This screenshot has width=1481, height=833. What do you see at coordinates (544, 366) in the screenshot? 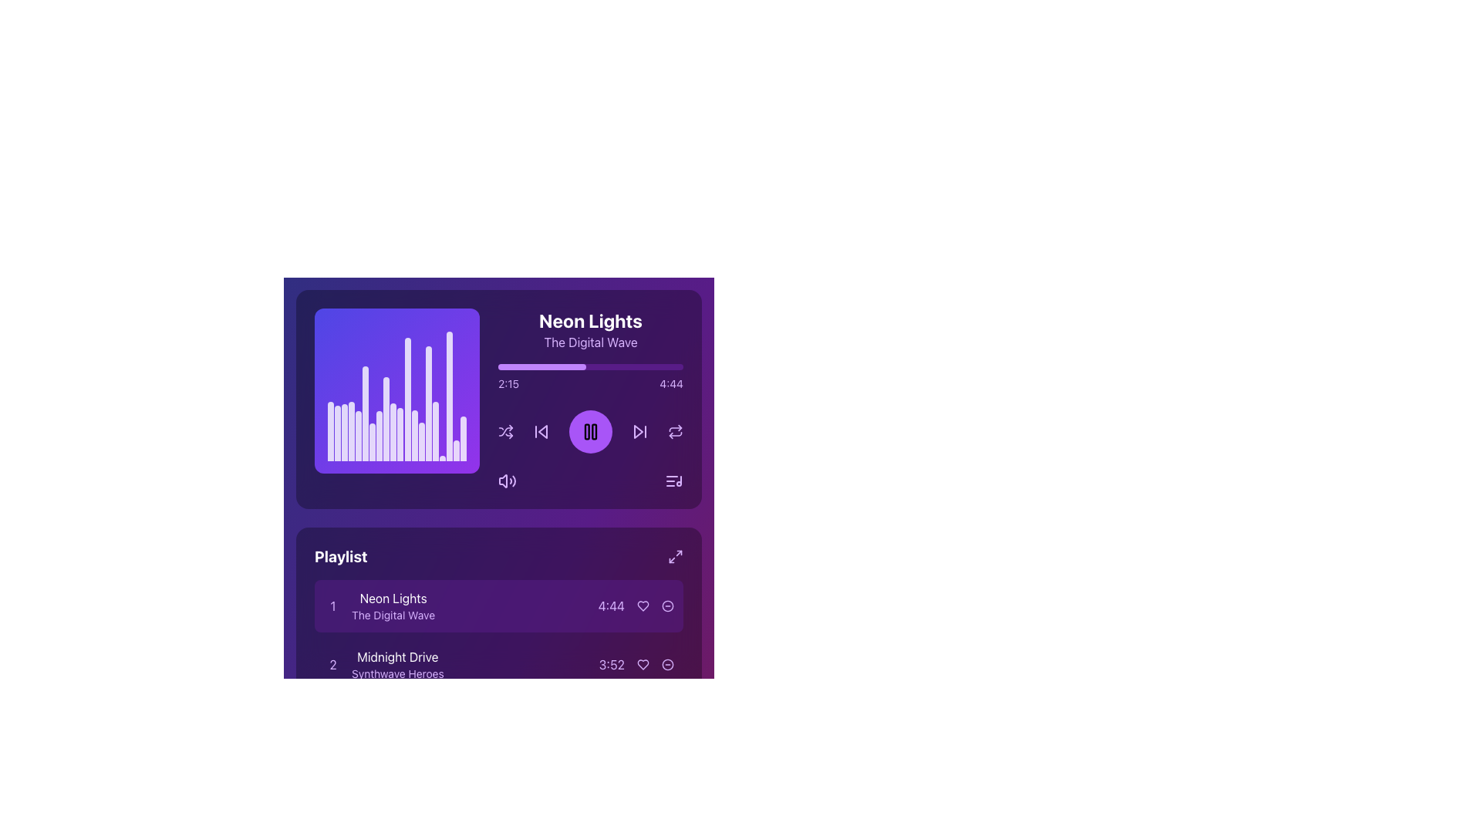
I see `the progress` at bounding box center [544, 366].